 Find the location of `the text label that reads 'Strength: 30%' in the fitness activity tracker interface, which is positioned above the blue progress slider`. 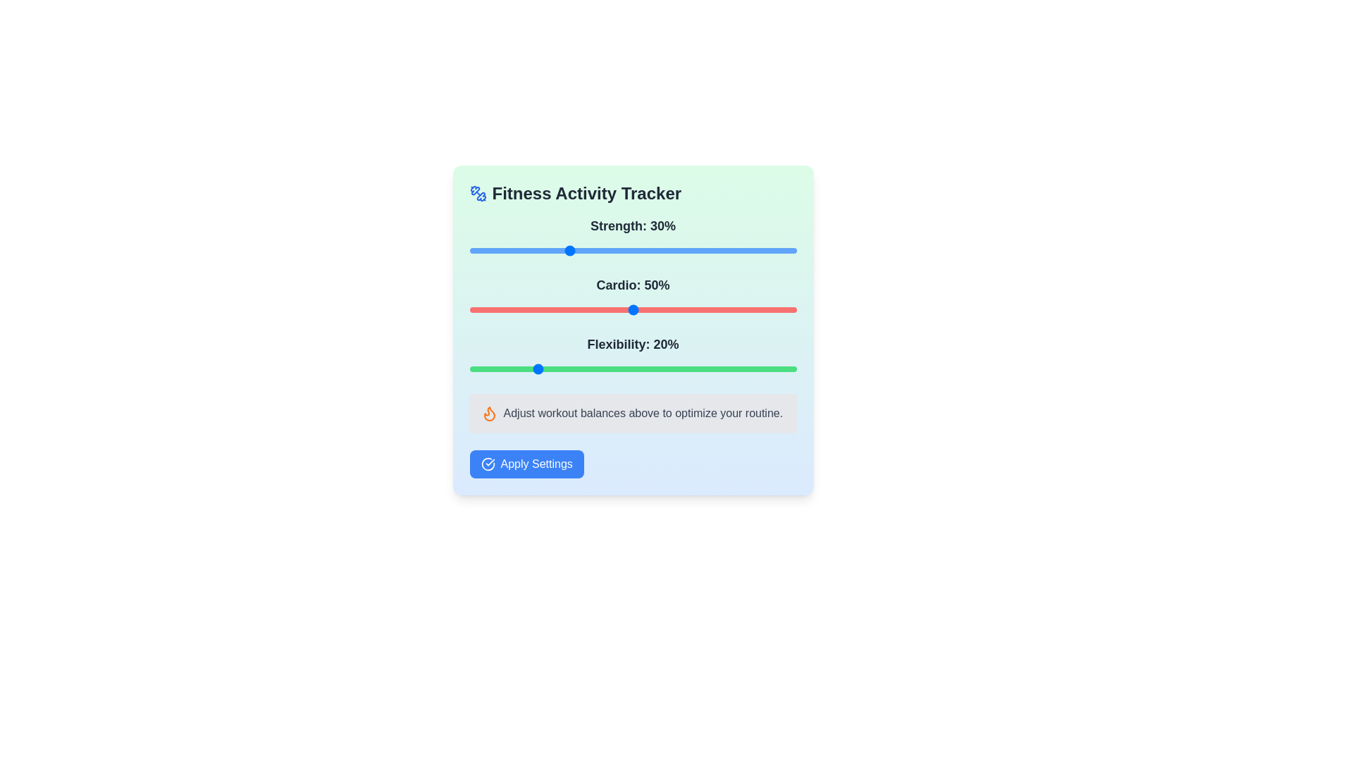

the text label that reads 'Strength: 30%' in the fitness activity tracker interface, which is positioned above the blue progress slider is located at coordinates (632, 225).